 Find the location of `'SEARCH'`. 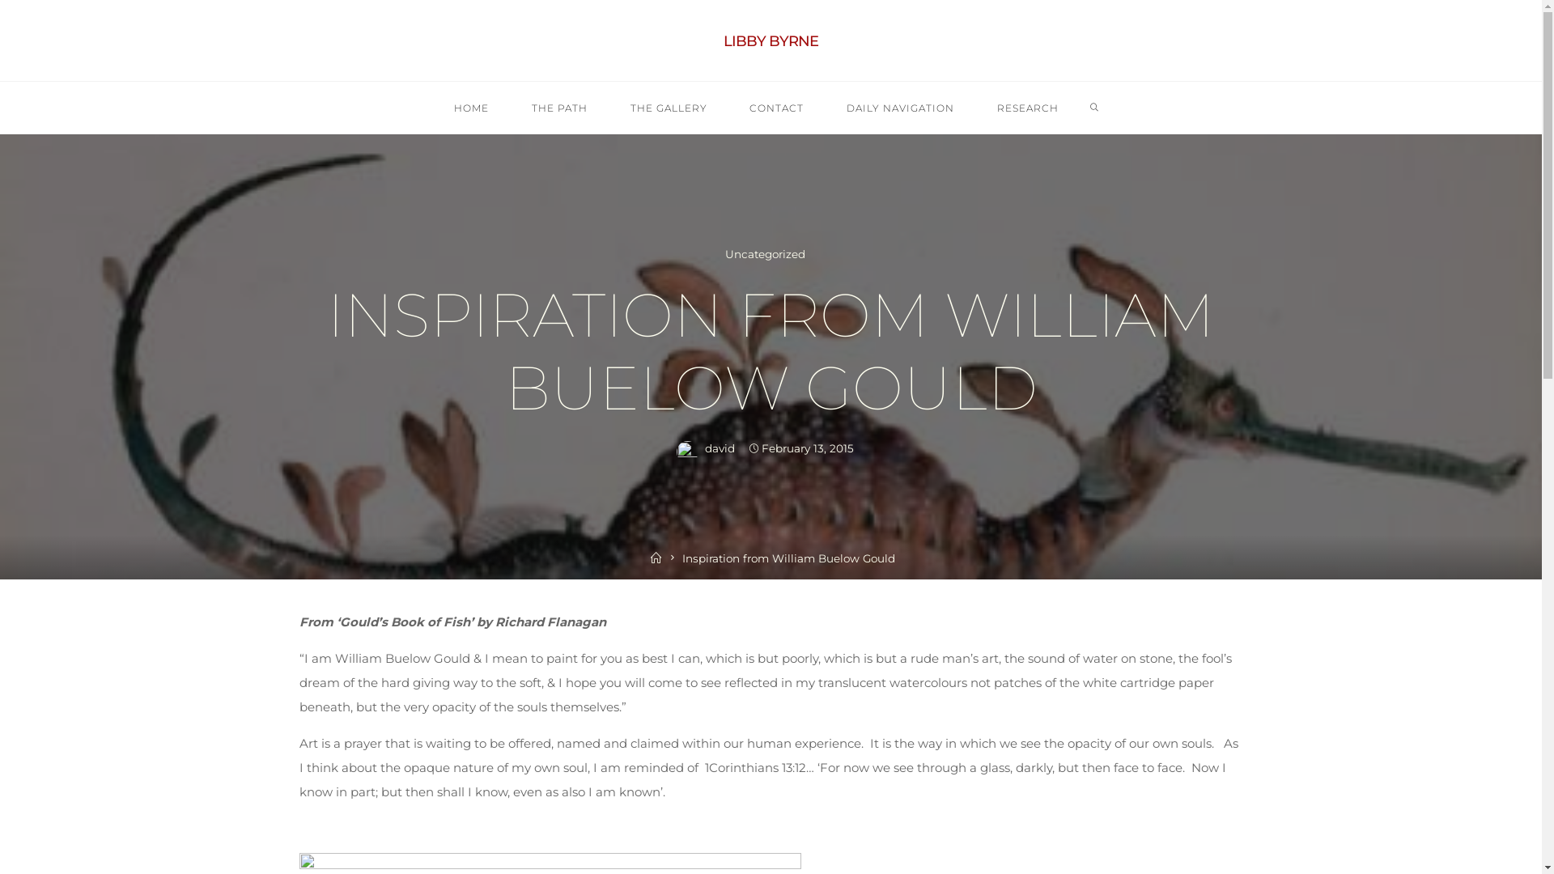

'SEARCH' is located at coordinates (1084, 108).